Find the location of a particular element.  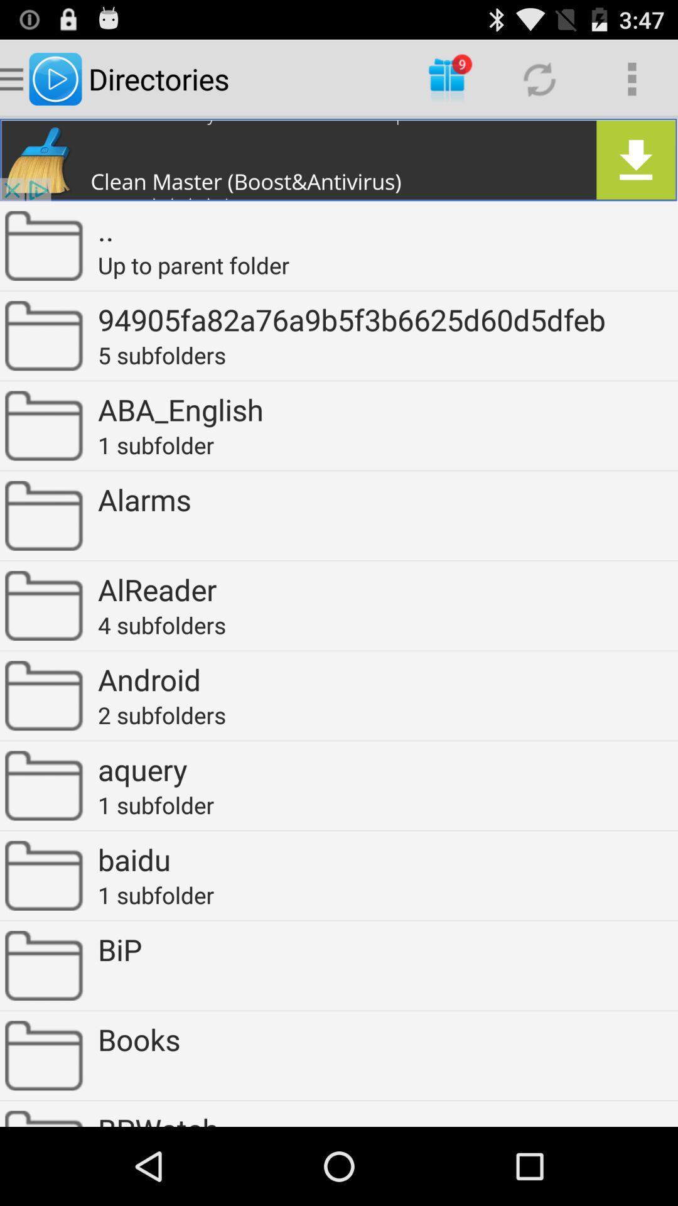

download image is located at coordinates (339, 159).